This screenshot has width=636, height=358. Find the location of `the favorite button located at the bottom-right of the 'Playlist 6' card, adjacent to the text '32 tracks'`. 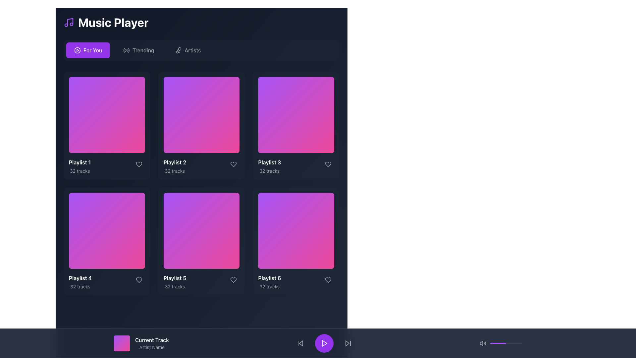

the favorite button located at the bottom-right of the 'Playlist 6' card, adjacent to the text '32 tracks' is located at coordinates (328, 280).